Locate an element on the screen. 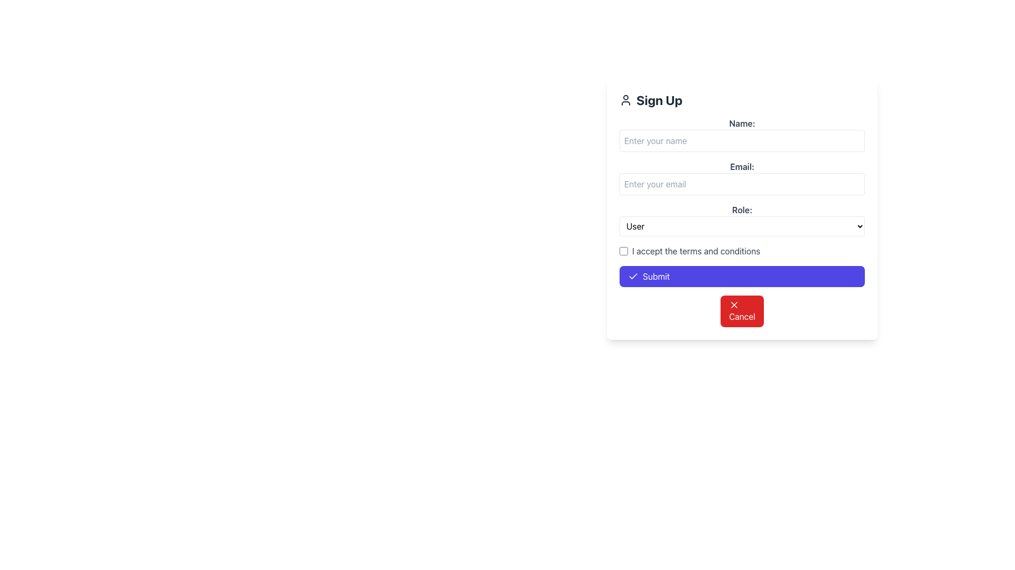  the dropdown menu labeled 'Role:' located is located at coordinates (741, 219).